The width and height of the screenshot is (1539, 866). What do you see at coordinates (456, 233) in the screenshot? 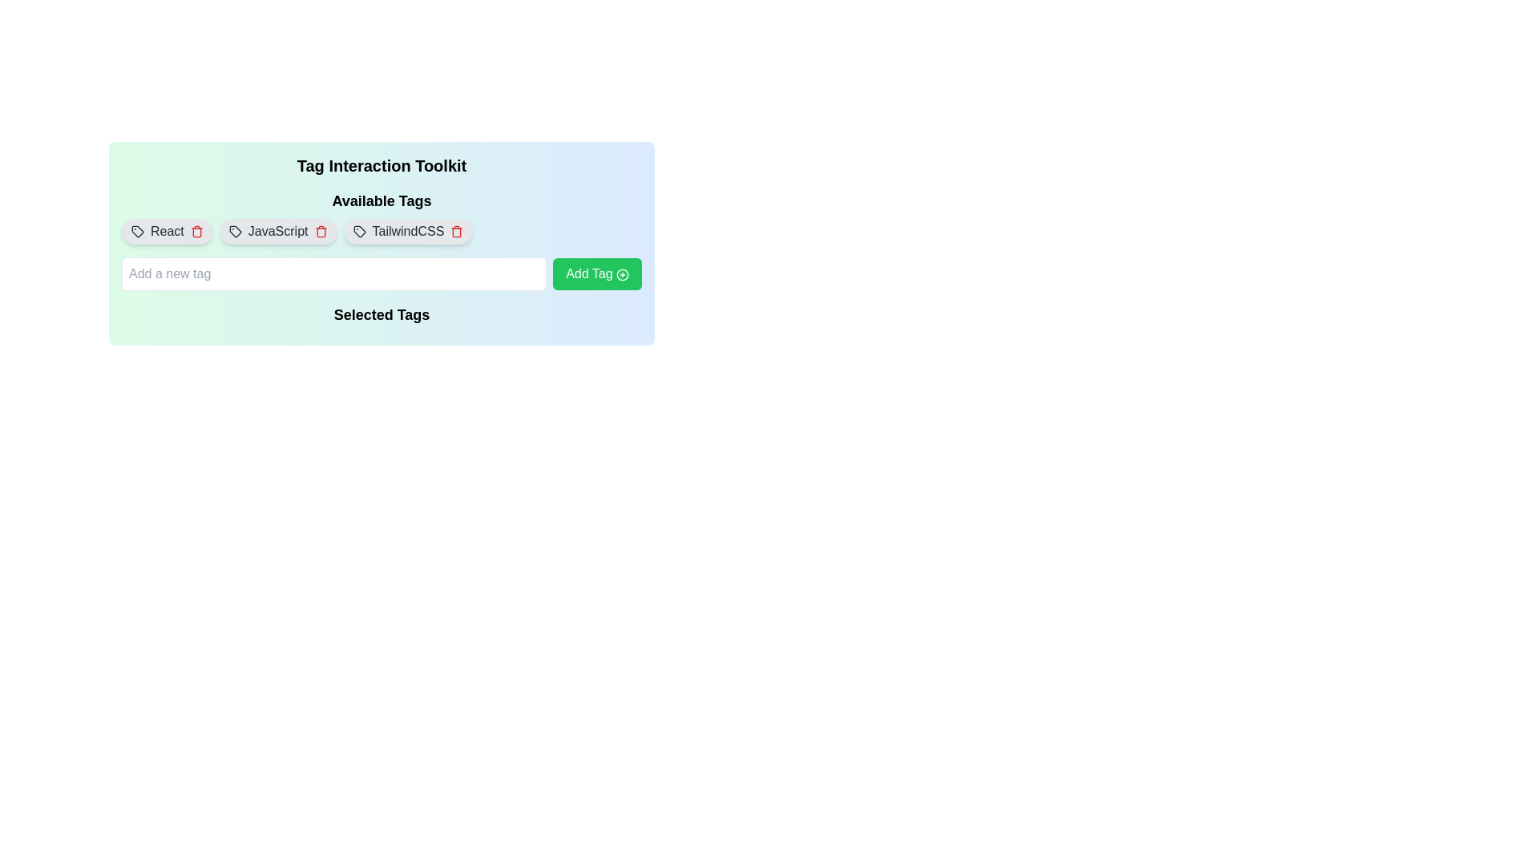
I see `the middle section of the trash can icon, which is a vertical rectangle with a rounded top, located to the right of the 'TailwindCSS' tag` at bounding box center [456, 233].